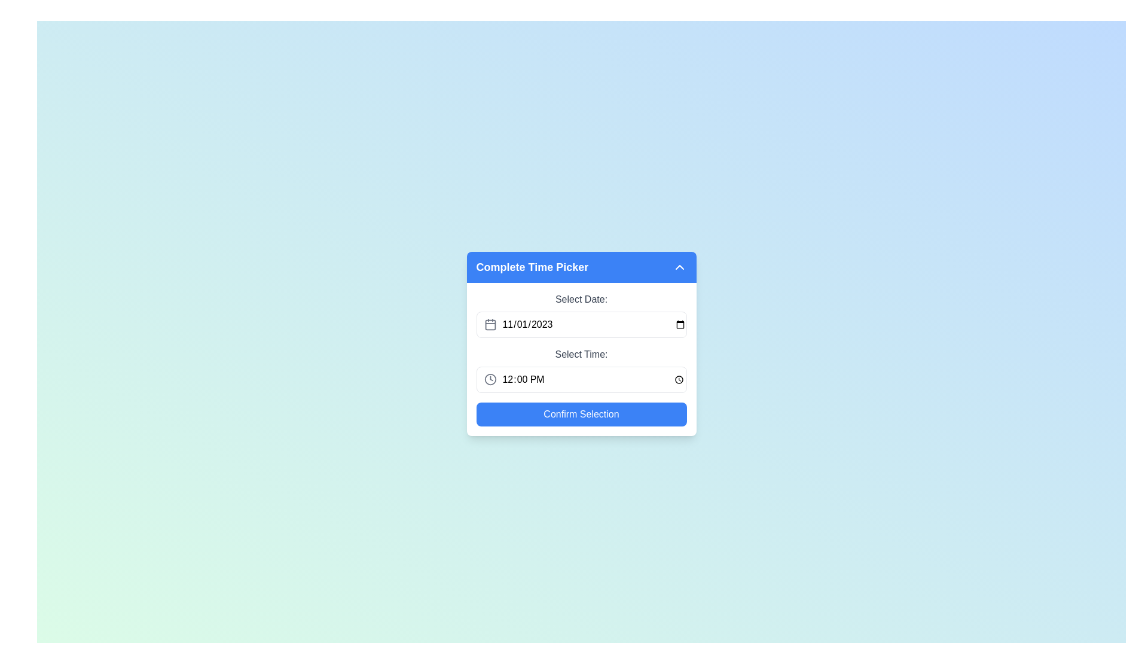  I want to click on the date selection icon located to the left of the input field in the 'Select Date' card, so click(490, 325).